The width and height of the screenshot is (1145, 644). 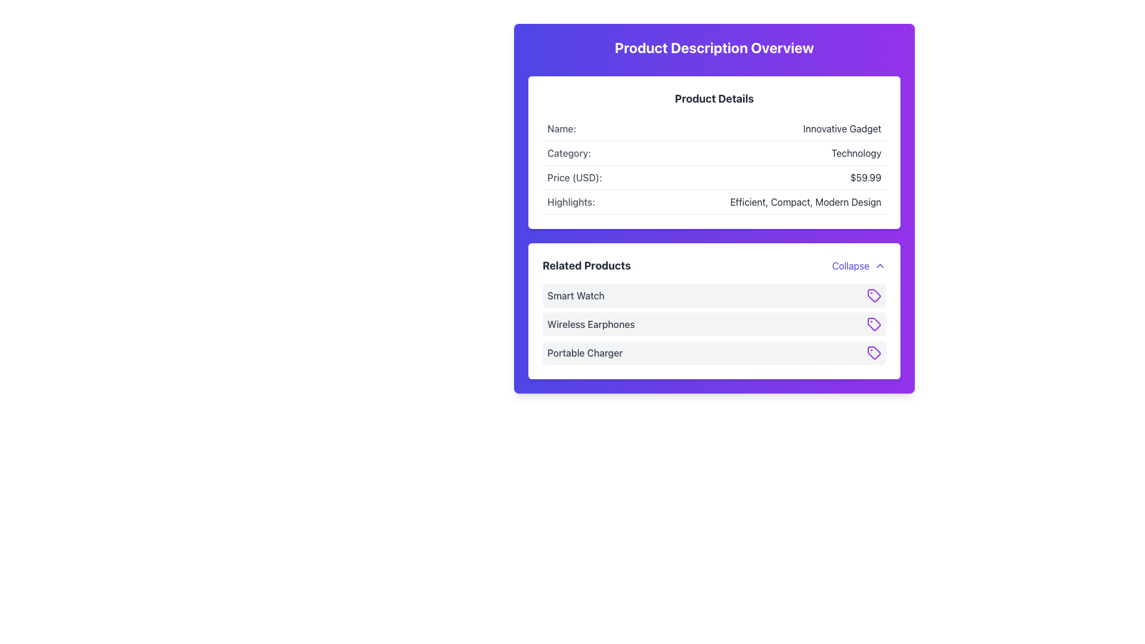 I want to click on the second row in the 'Product Details' section that displays the product's category, located between the 'Name: Innovative Gadget' and 'Price (USD): $59.99' rows, so click(x=714, y=153).